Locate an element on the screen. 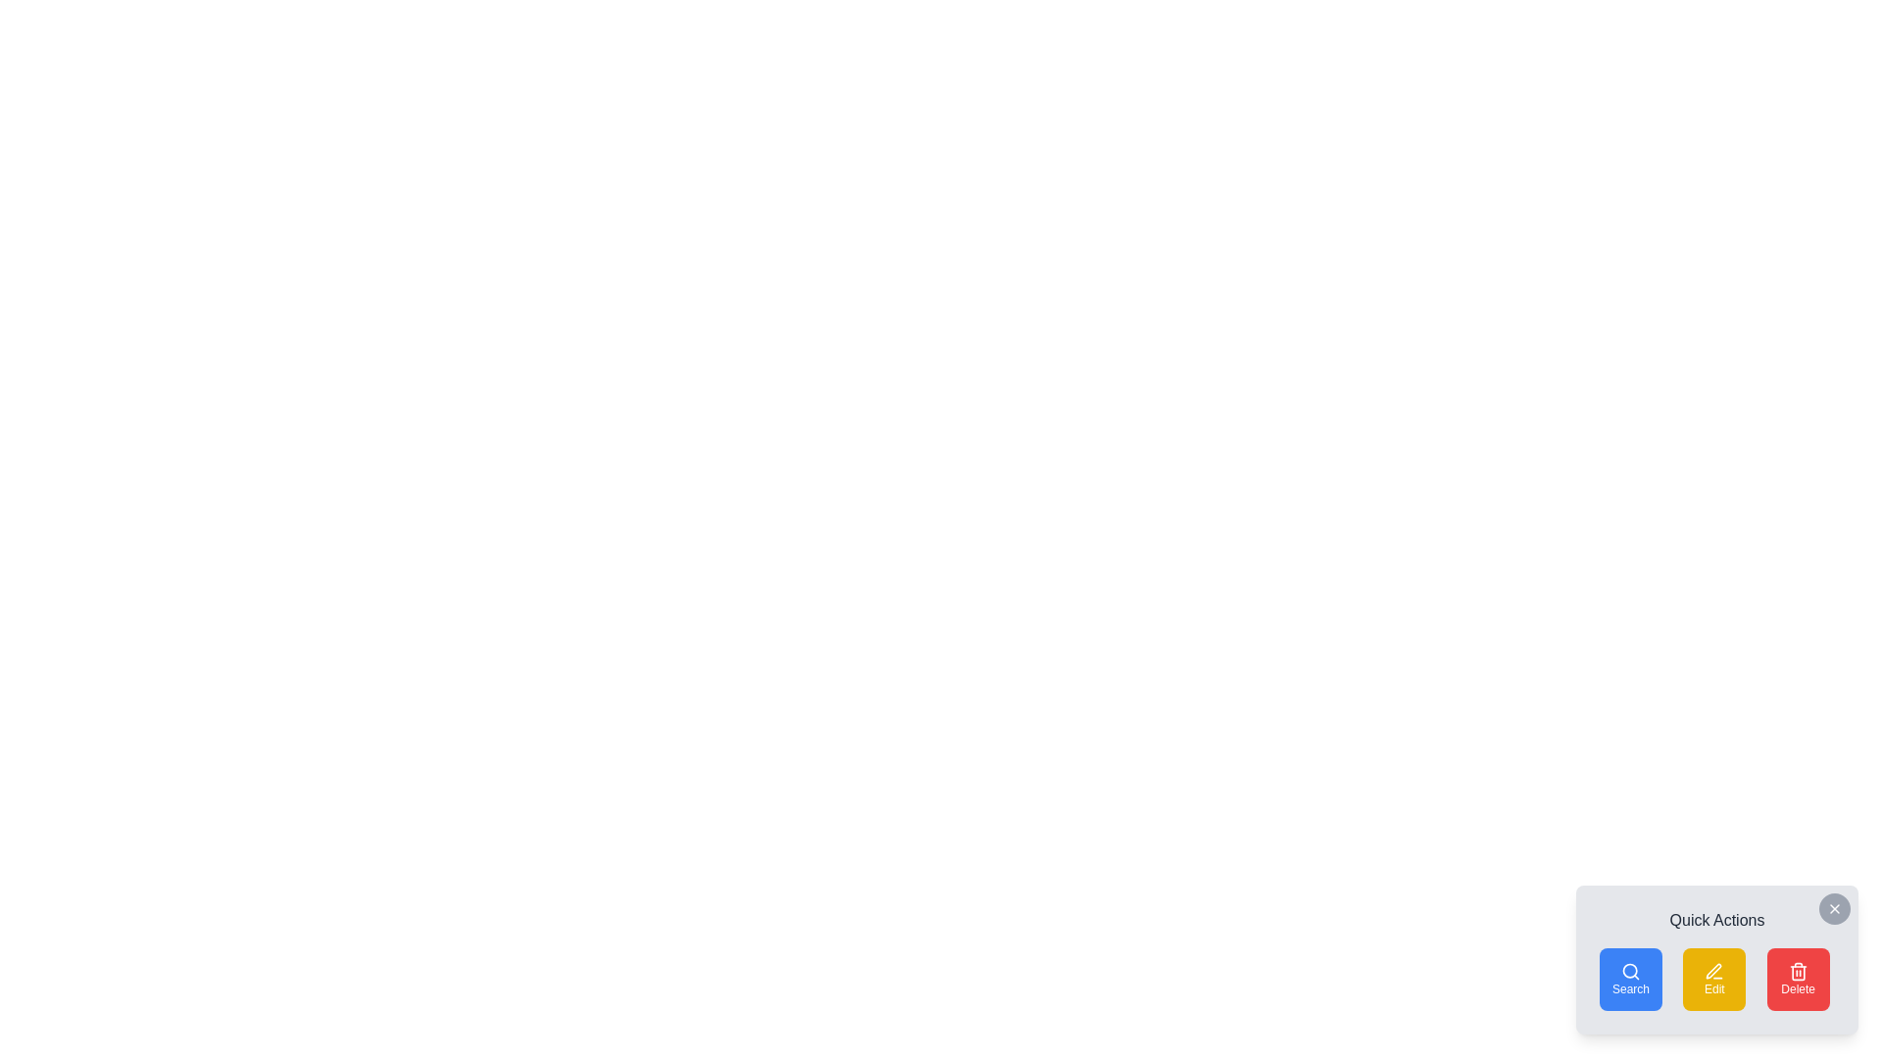 Image resolution: width=1882 pixels, height=1058 pixels. the Icon button located at the top-right corner of the 'Quick Actions' panel is located at coordinates (1834, 909).